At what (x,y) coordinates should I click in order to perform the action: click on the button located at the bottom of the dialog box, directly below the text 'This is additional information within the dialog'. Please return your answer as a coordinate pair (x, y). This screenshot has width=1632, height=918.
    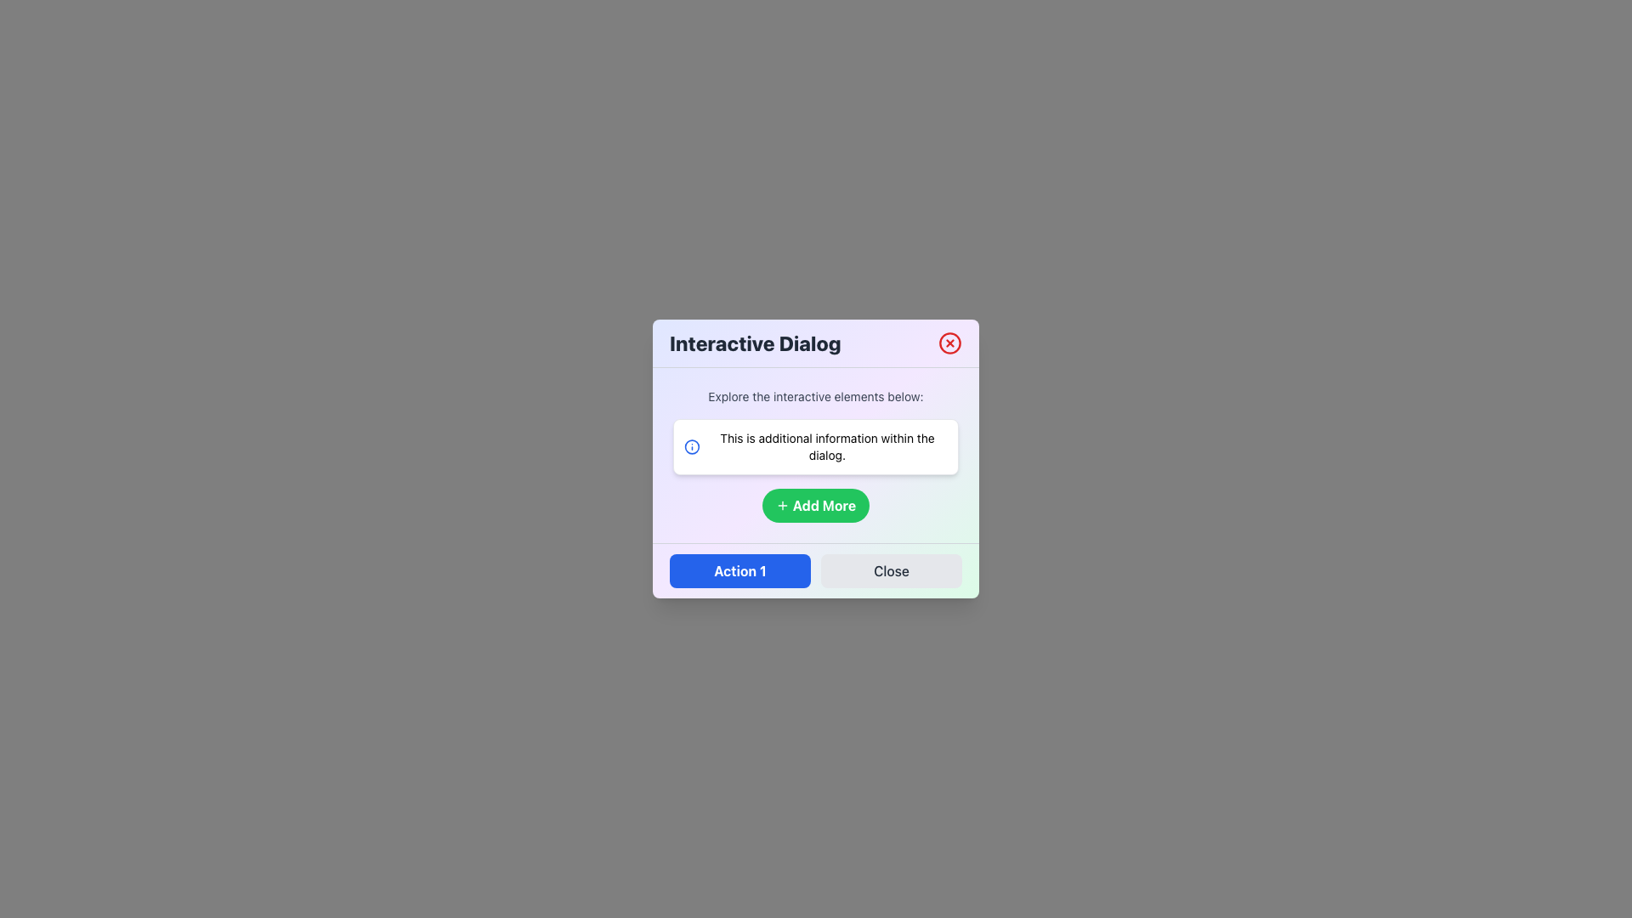
    Looking at the image, I should click on (816, 504).